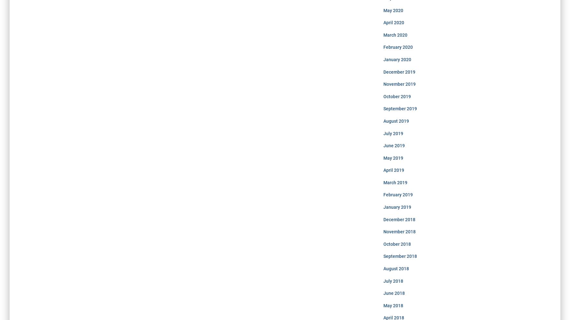  I want to click on 'September 2019', so click(399, 108).